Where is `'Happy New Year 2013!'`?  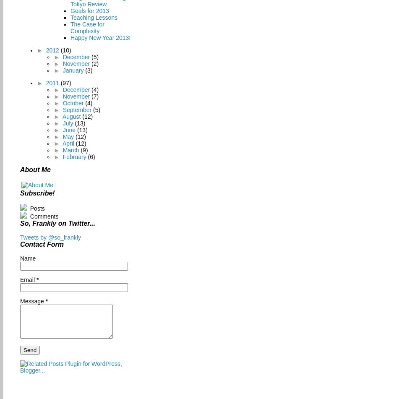
'Happy New Year 2013!' is located at coordinates (100, 37).